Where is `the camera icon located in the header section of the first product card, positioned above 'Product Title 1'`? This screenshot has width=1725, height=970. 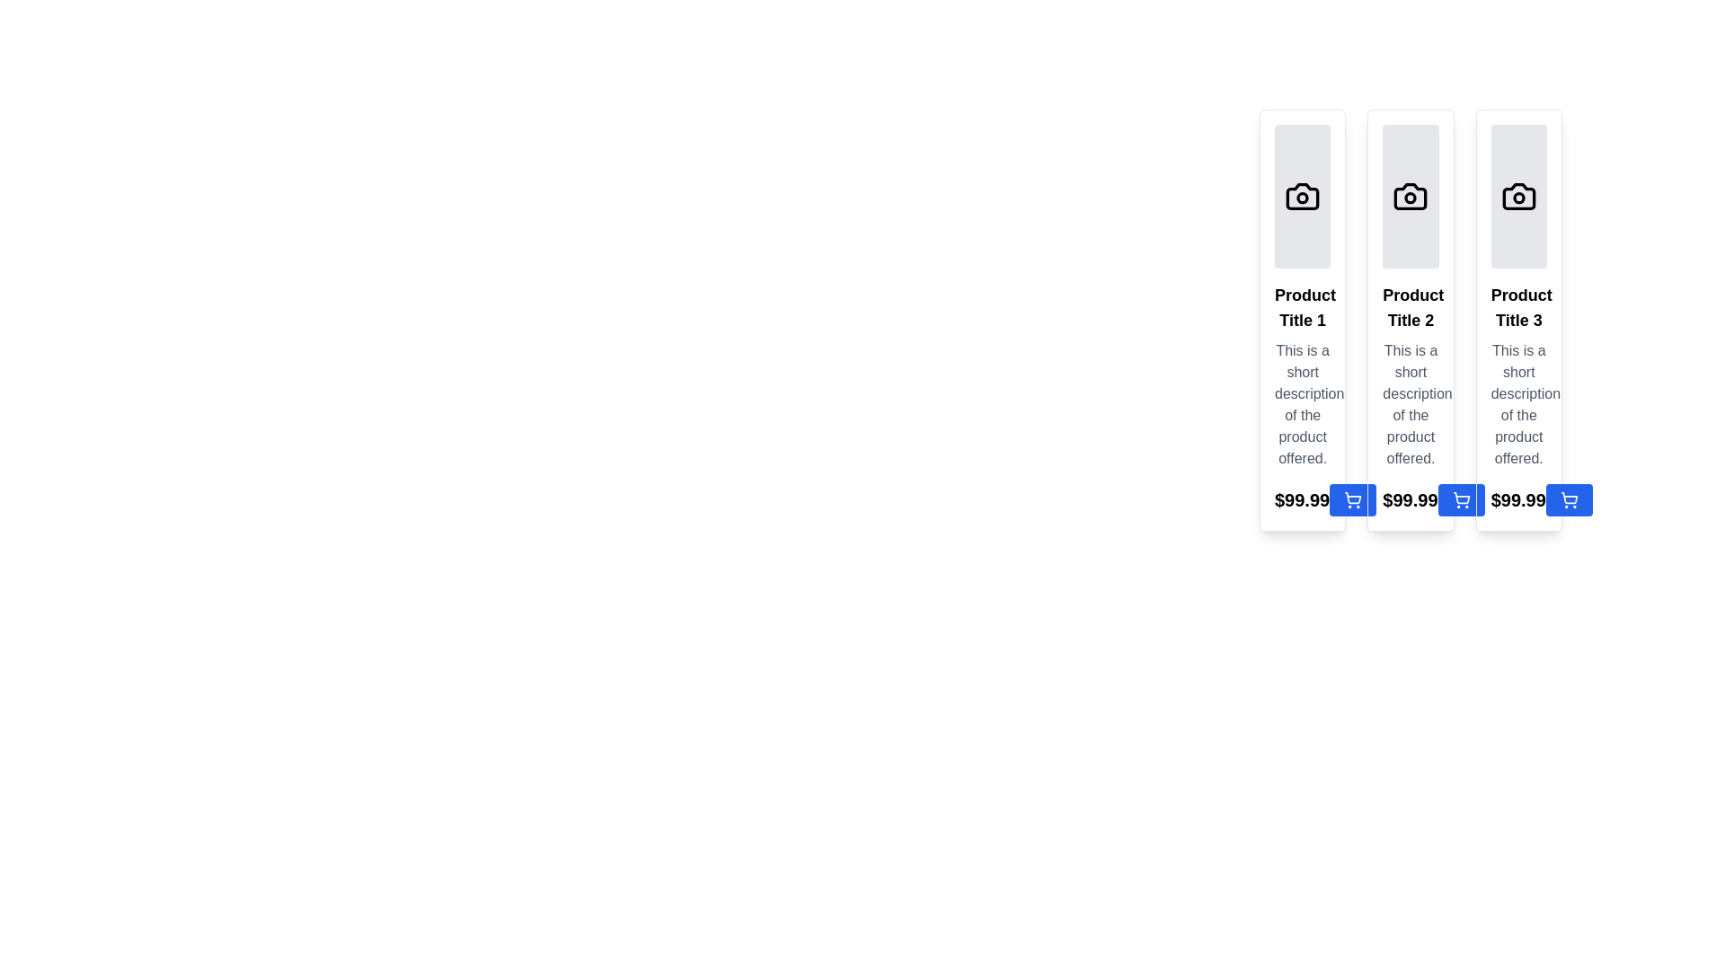 the camera icon located in the header section of the first product card, positioned above 'Product Title 1' is located at coordinates (1303, 197).